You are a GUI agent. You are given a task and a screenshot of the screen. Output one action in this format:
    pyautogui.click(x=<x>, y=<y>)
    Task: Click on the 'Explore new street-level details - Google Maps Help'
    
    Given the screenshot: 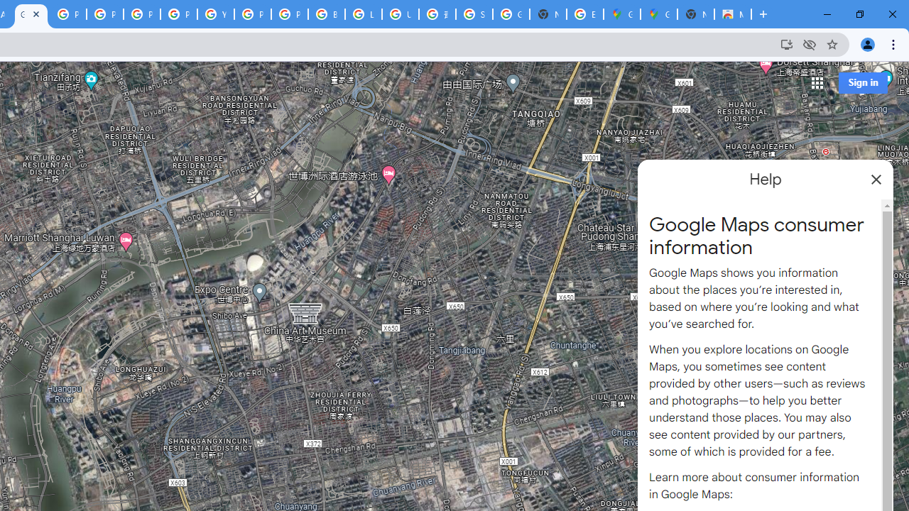 What is the action you would take?
    pyautogui.click(x=584, y=14)
    